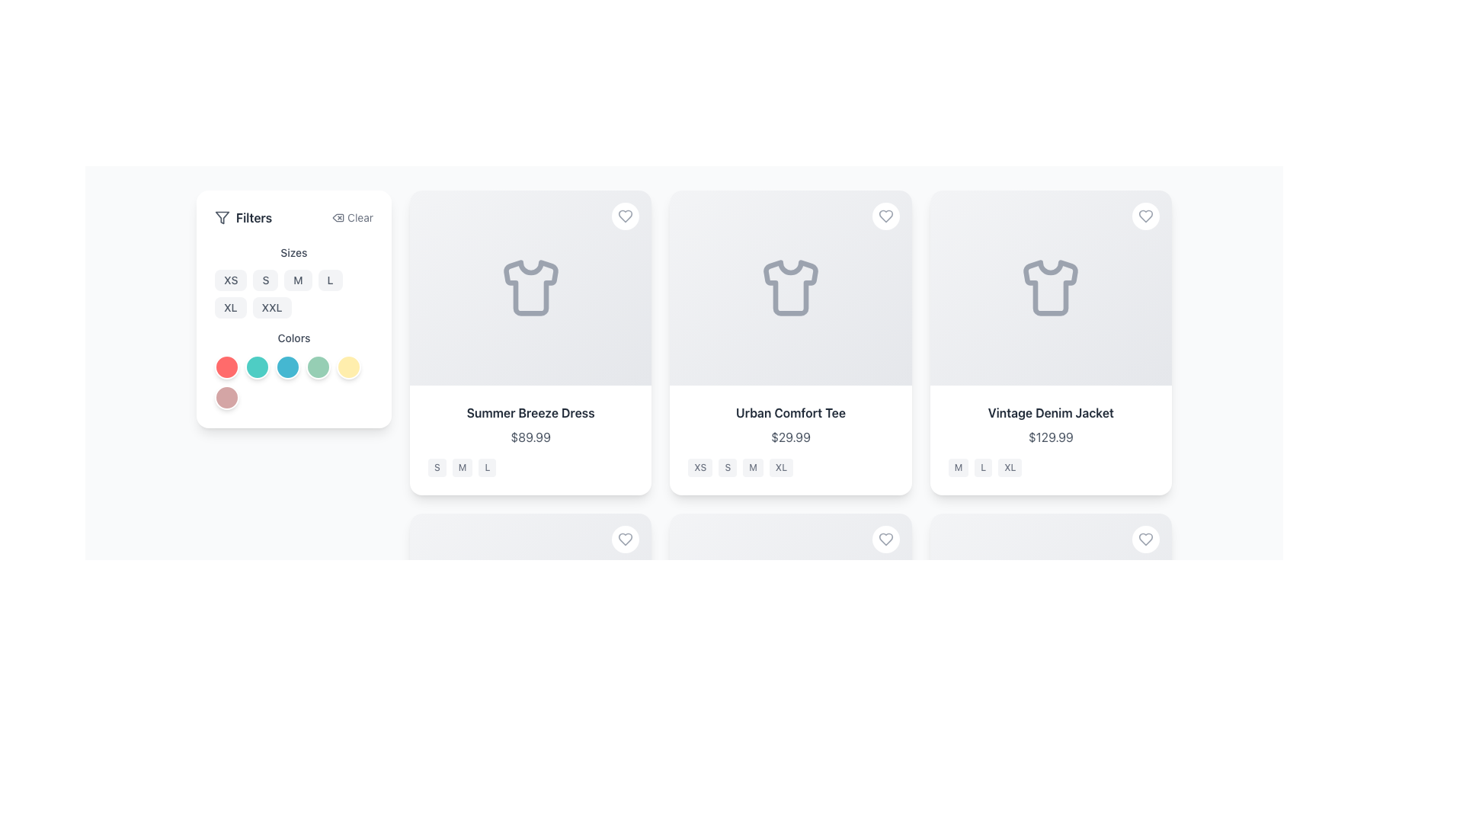  I want to click on the size selection button labeled 'L' located below the title 'Summer Breeze Dress' and its price '$89.99', so click(486, 466).